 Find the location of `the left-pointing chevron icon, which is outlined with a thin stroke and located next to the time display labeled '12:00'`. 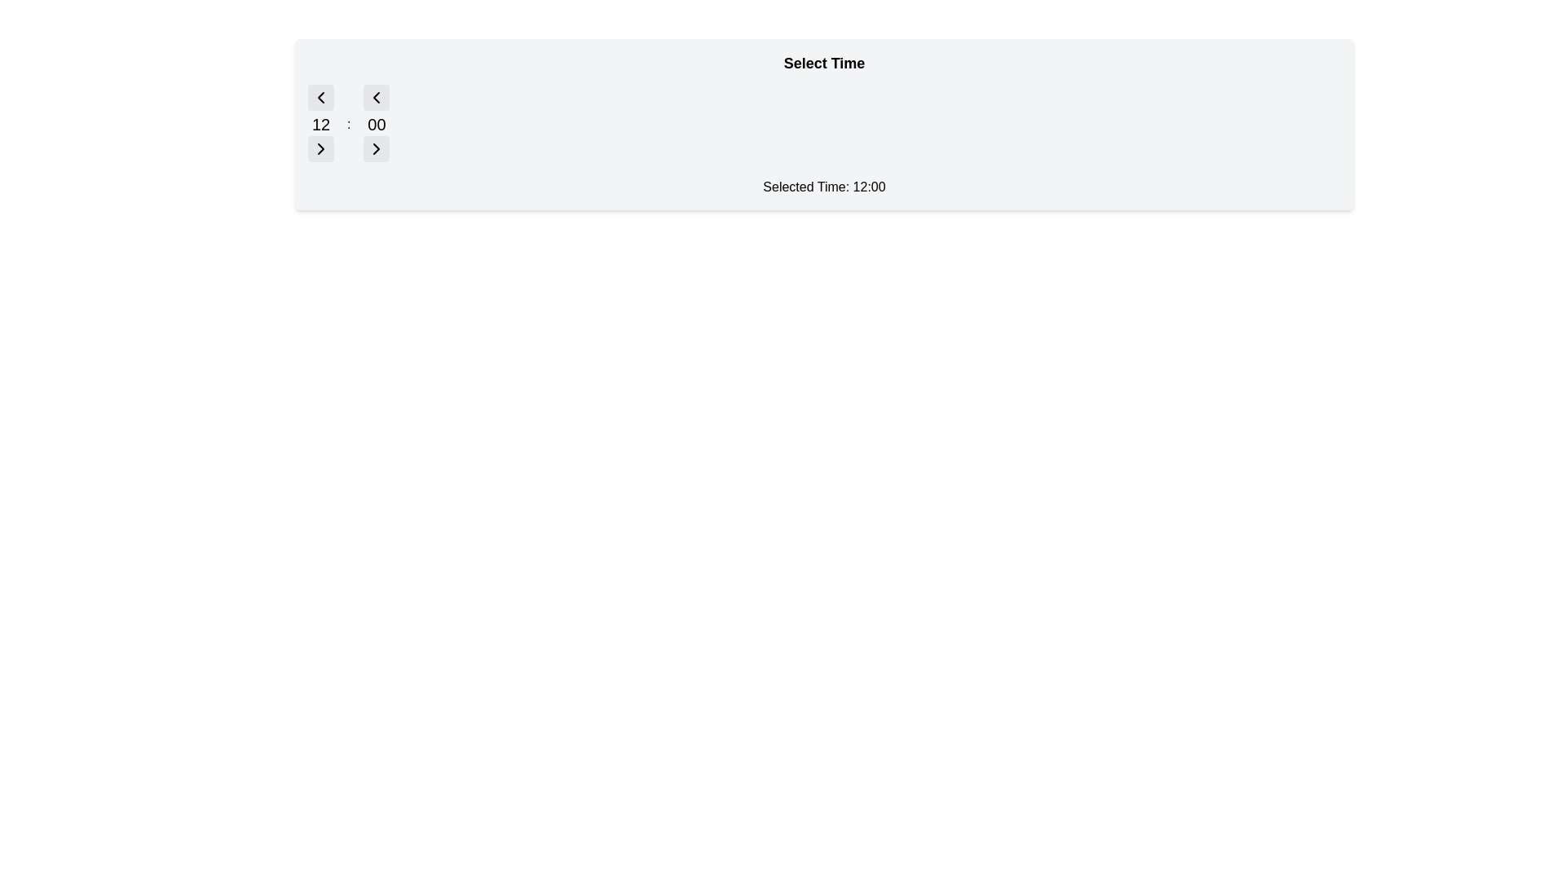

the left-pointing chevron icon, which is outlined with a thin stroke and located next to the time display labeled '12:00' is located at coordinates (320, 97).